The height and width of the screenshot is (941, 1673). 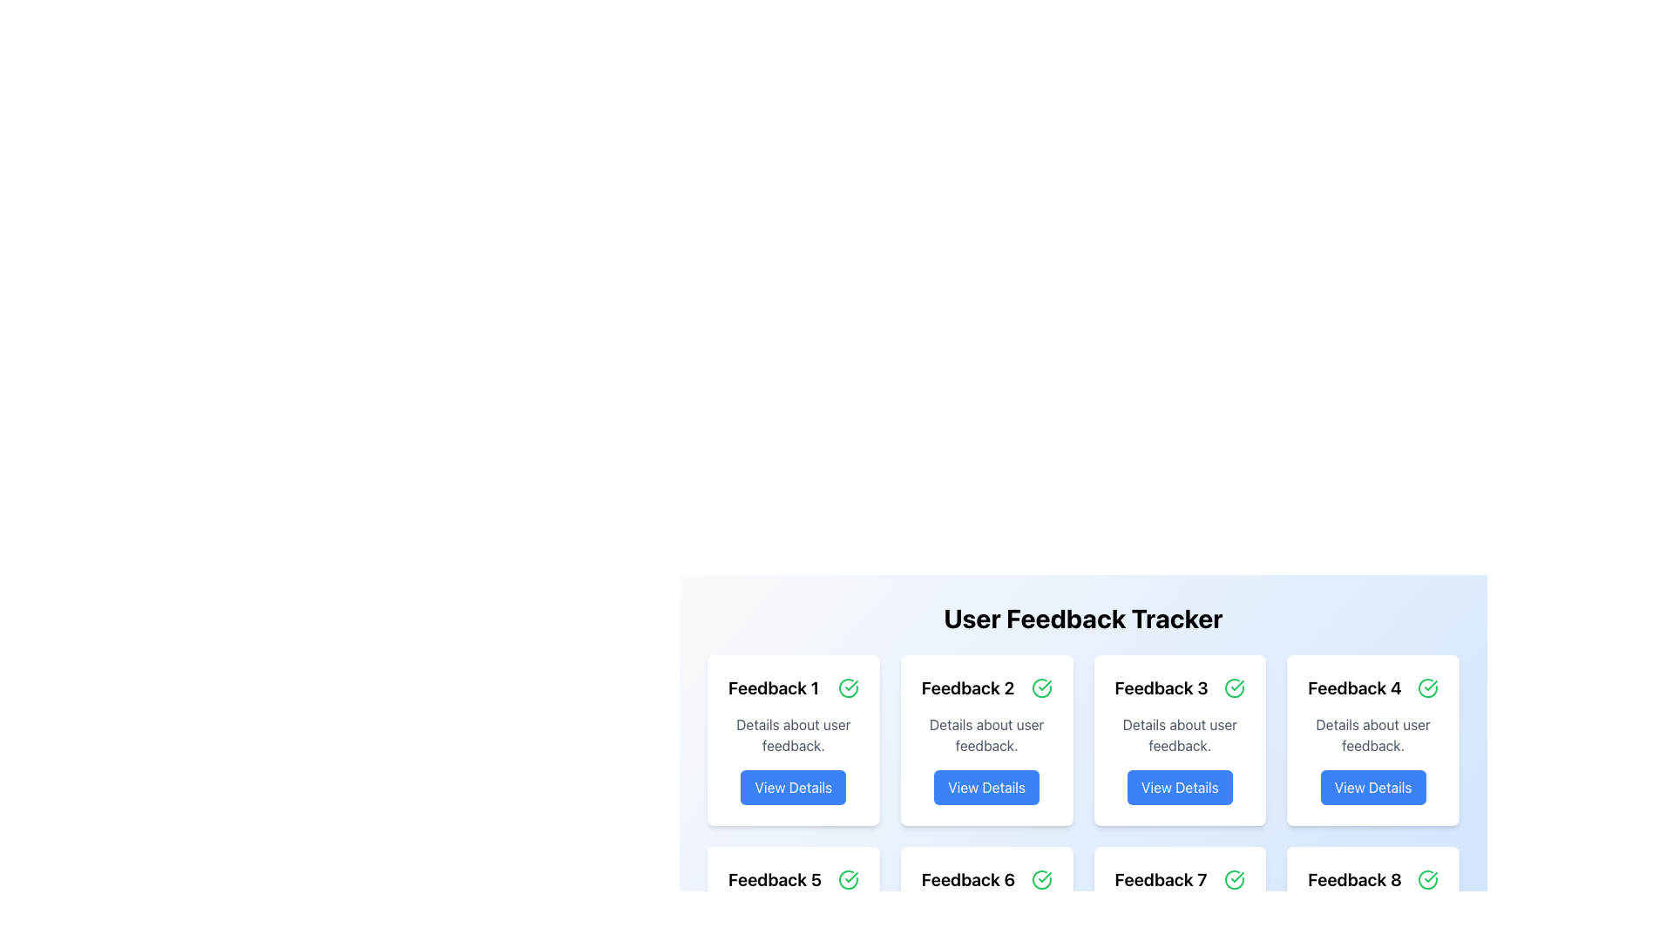 I want to click on the 'Feedback 3' label which features bold text and a green checkmark icon, located at the top center of the third card in the first row, so click(x=1180, y=687).